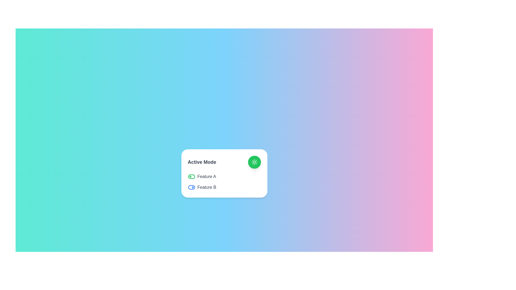  What do you see at coordinates (191, 187) in the screenshot?
I see `the toggle background element, which is the rectangular part of the toggle component that serves as its base` at bounding box center [191, 187].